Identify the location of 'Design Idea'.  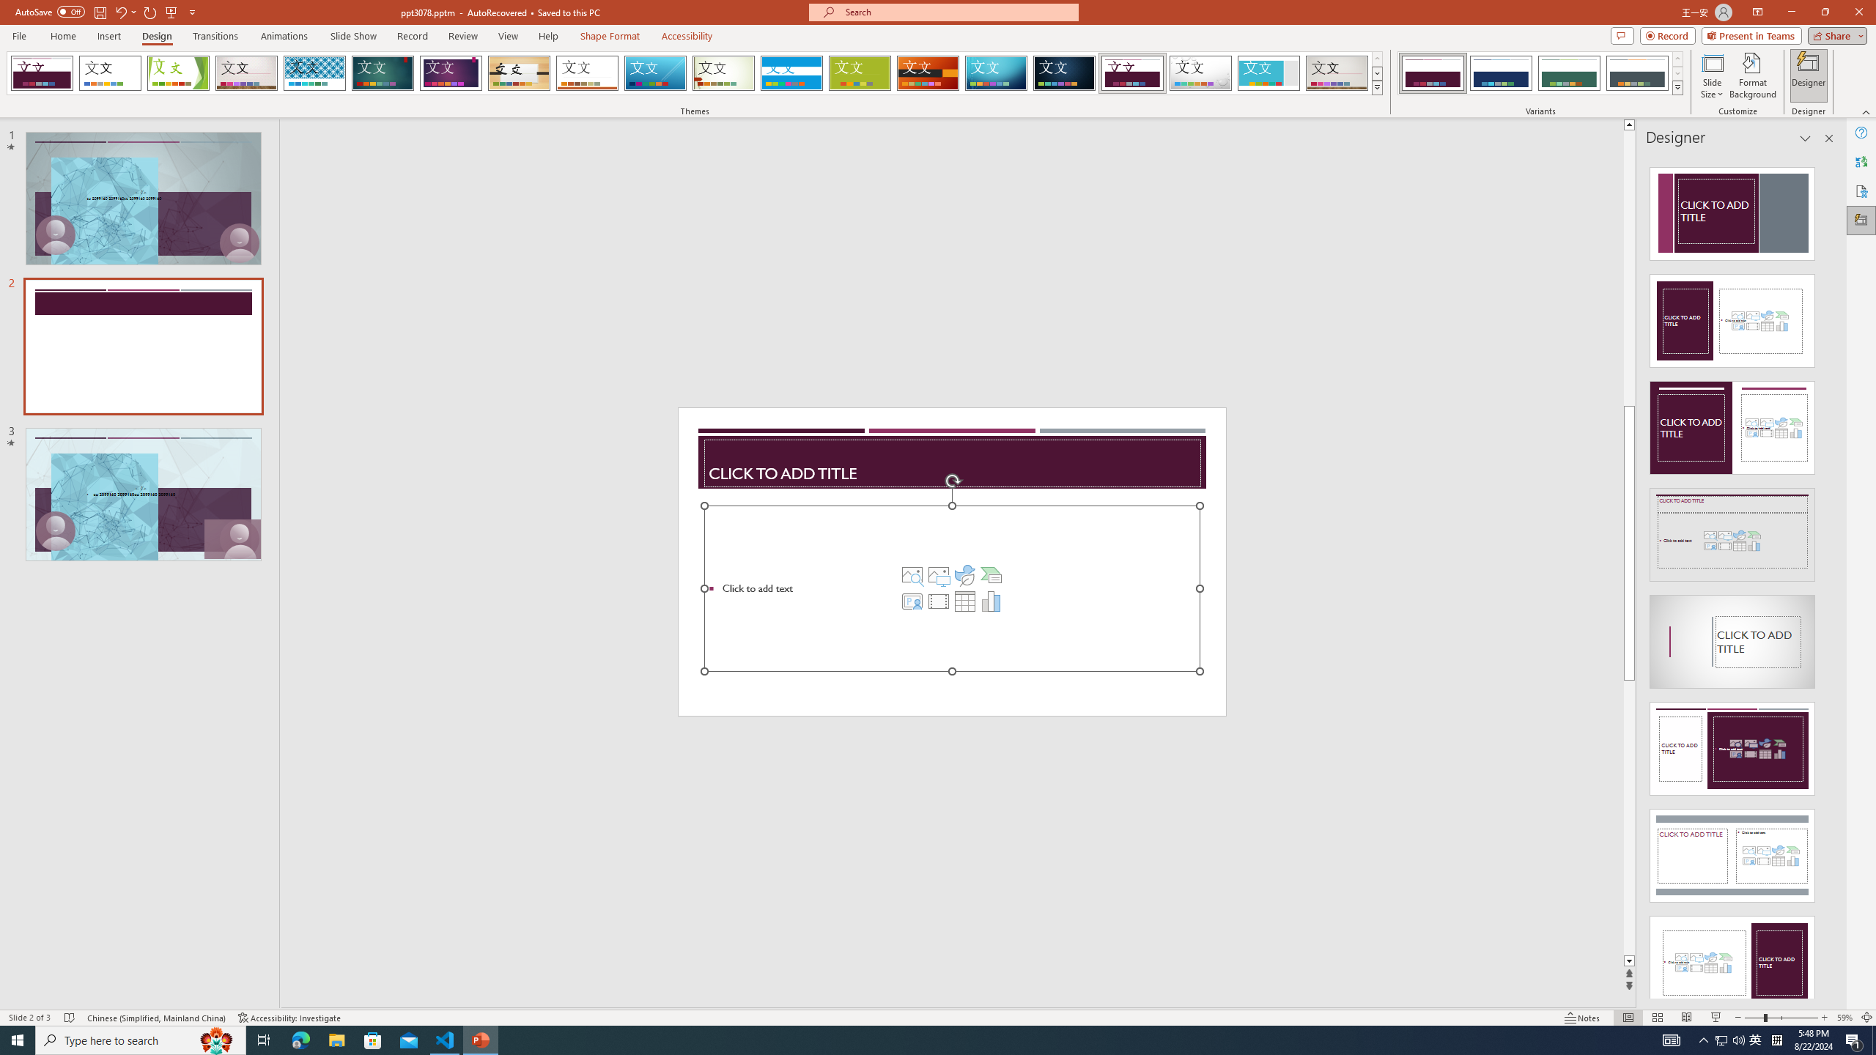
(1732, 958).